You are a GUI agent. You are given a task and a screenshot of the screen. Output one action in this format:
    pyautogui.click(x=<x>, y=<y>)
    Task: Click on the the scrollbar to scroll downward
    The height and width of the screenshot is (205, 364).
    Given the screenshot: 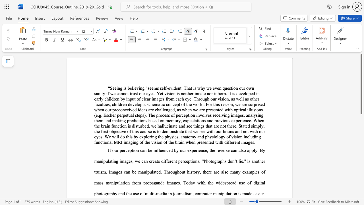 What is the action you would take?
    pyautogui.click(x=361, y=182)
    